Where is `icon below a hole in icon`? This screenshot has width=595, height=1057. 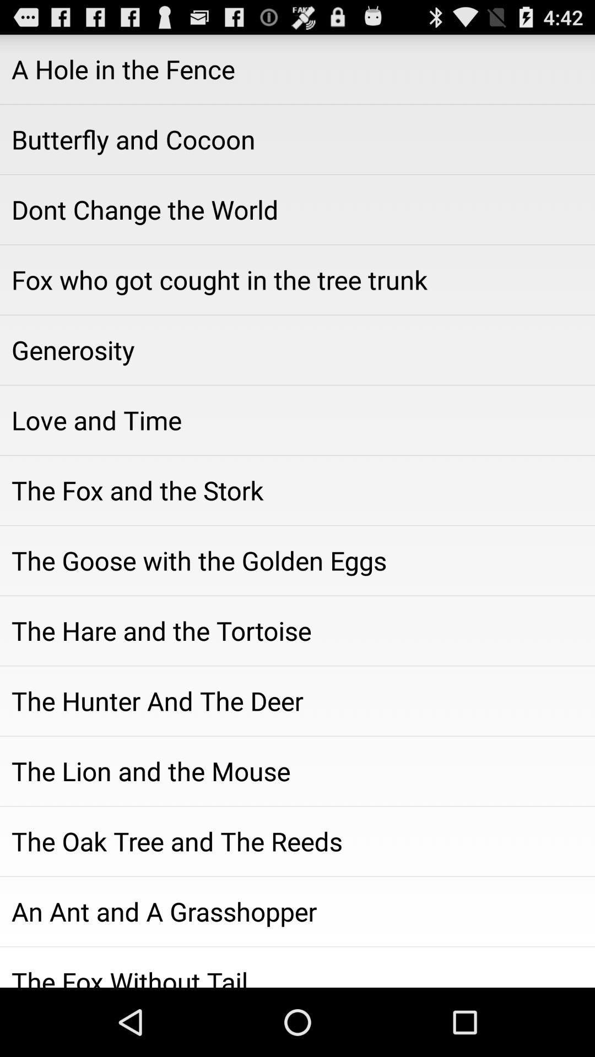 icon below a hole in icon is located at coordinates (297, 139).